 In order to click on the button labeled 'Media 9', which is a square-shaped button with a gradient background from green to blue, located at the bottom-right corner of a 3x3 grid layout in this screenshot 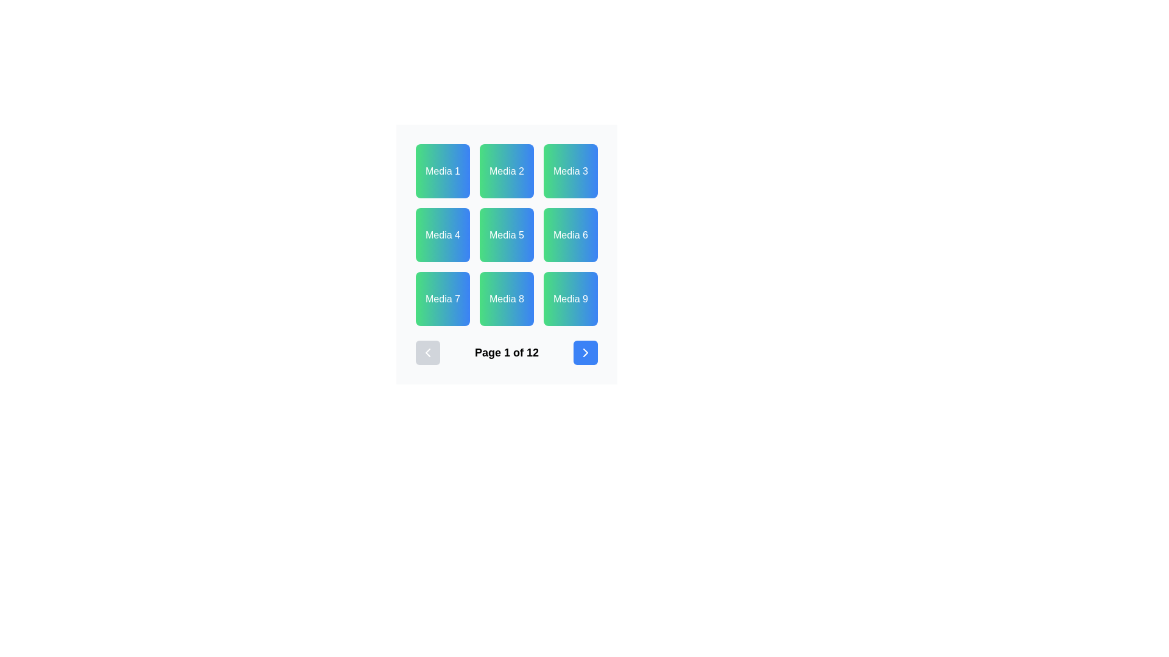, I will do `click(570, 299)`.